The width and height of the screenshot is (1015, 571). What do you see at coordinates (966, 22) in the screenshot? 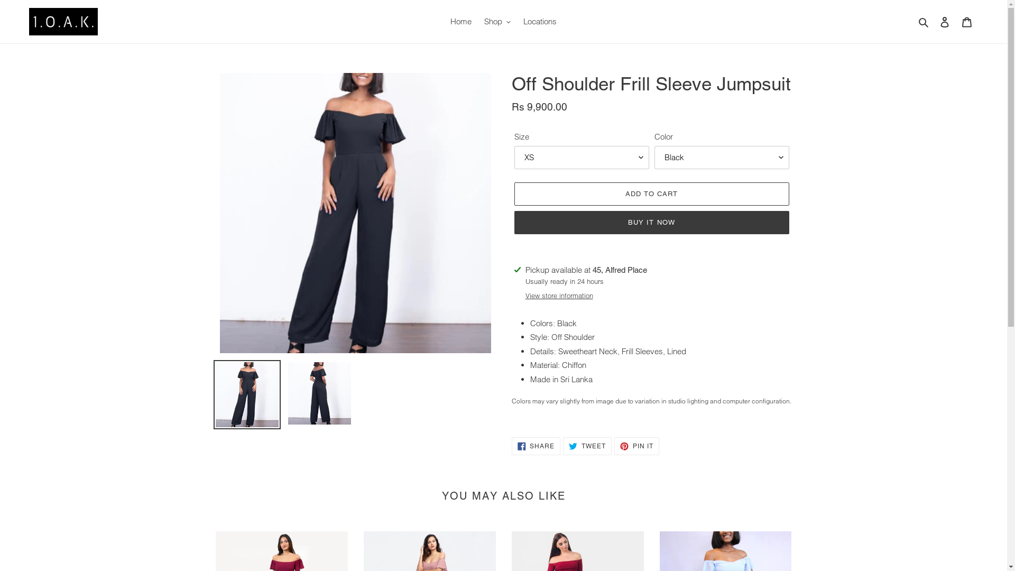
I see `'Cart'` at bounding box center [966, 22].